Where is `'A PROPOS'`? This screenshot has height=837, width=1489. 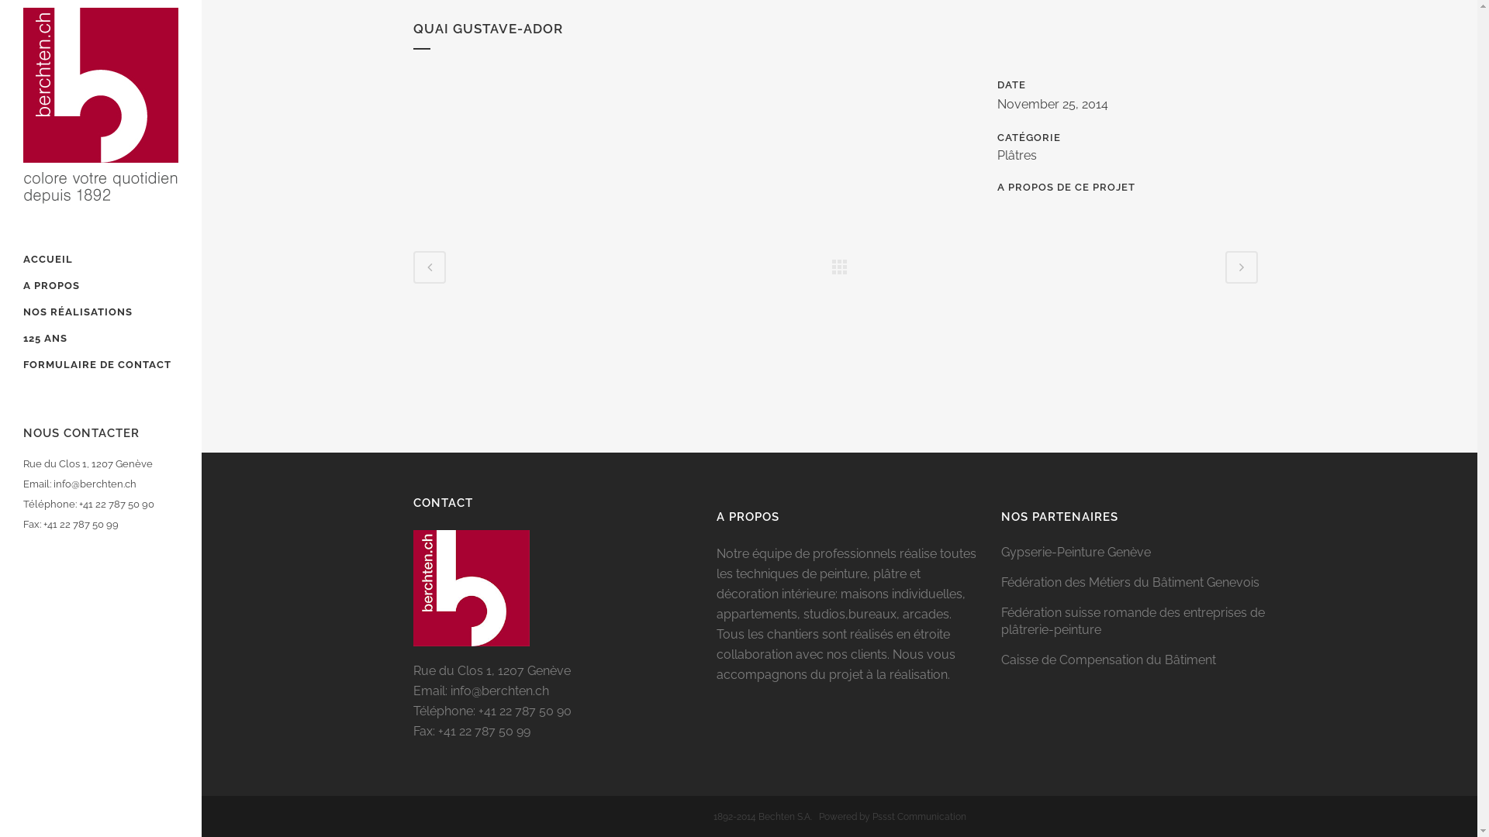
'A PROPOS' is located at coordinates (99, 286).